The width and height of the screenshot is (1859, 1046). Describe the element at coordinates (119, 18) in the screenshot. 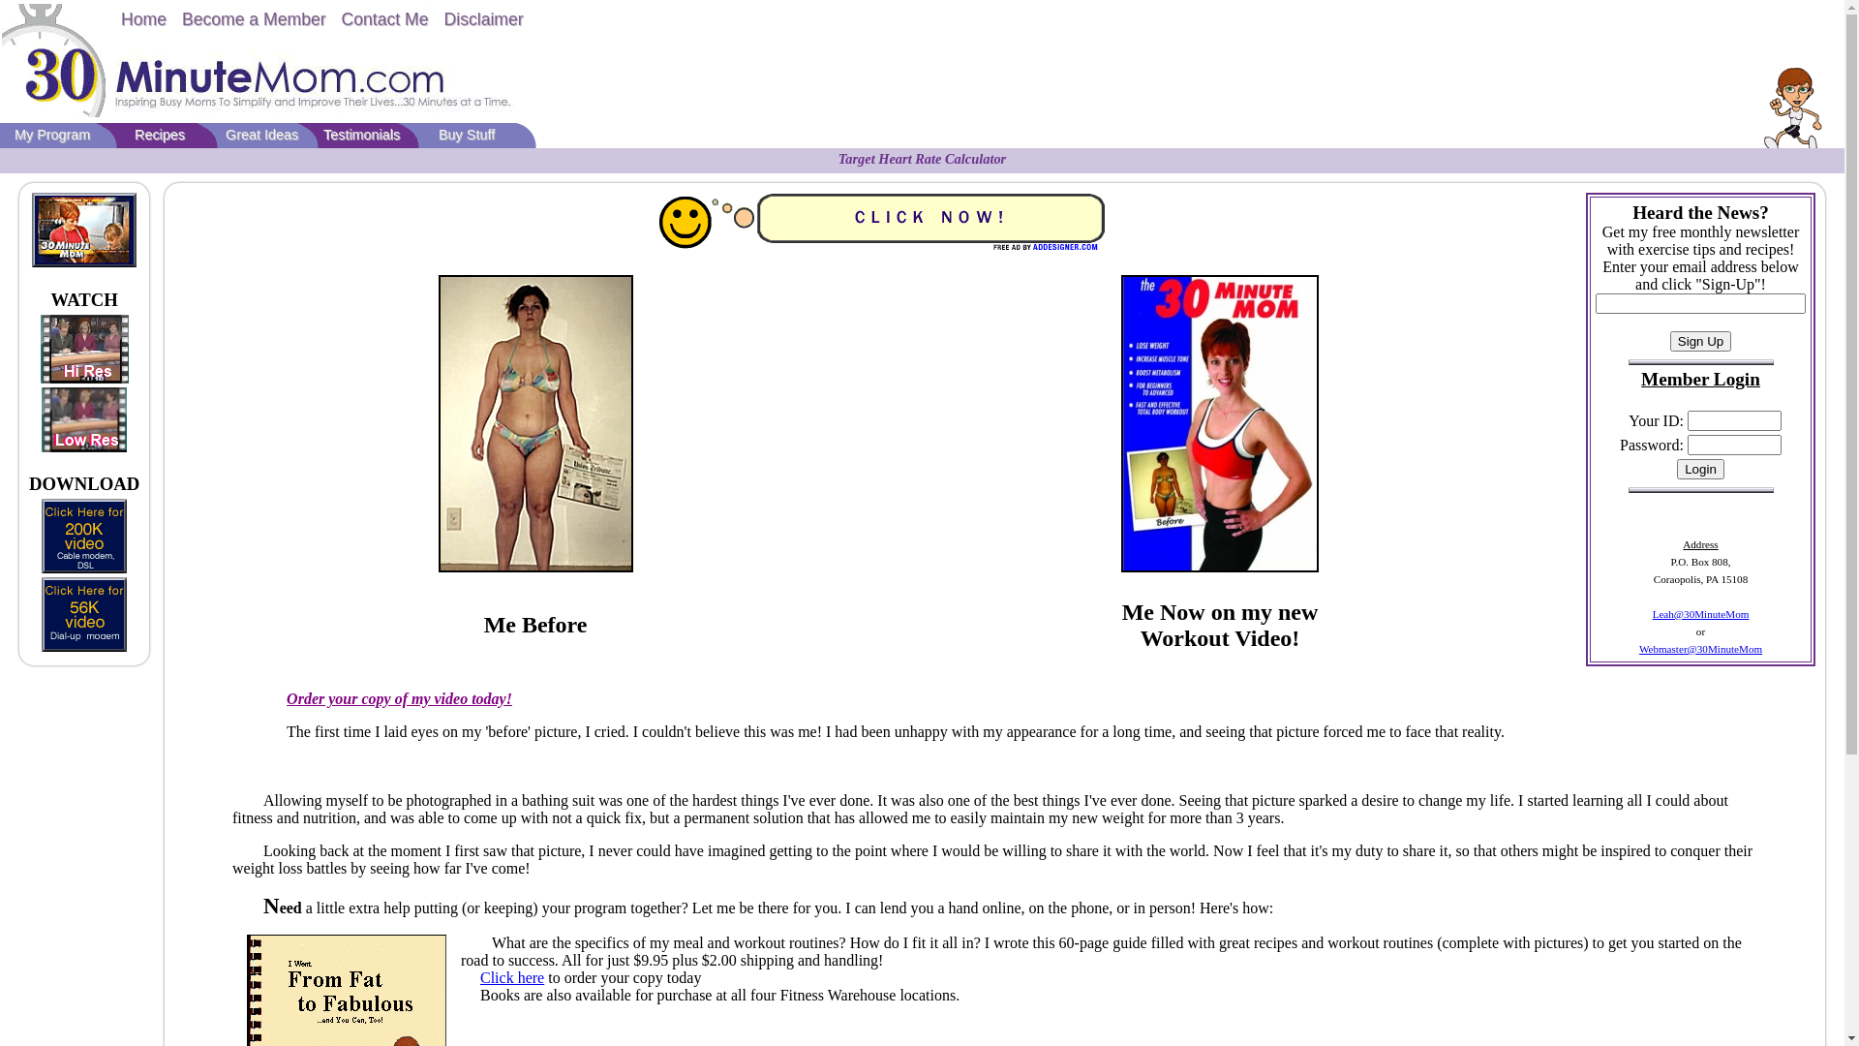

I see `'Home'` at that location.